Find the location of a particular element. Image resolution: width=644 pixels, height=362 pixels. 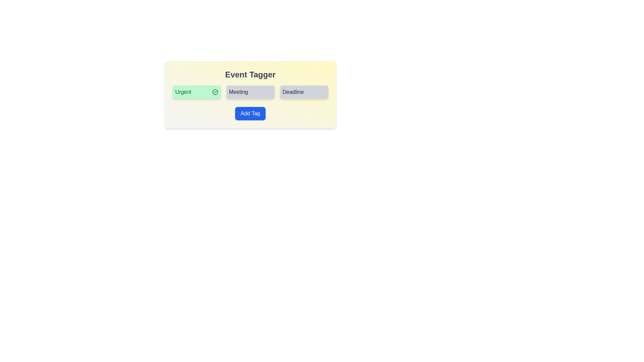

the tag Urgent to toggle its state is located at coordinates (196, 92).